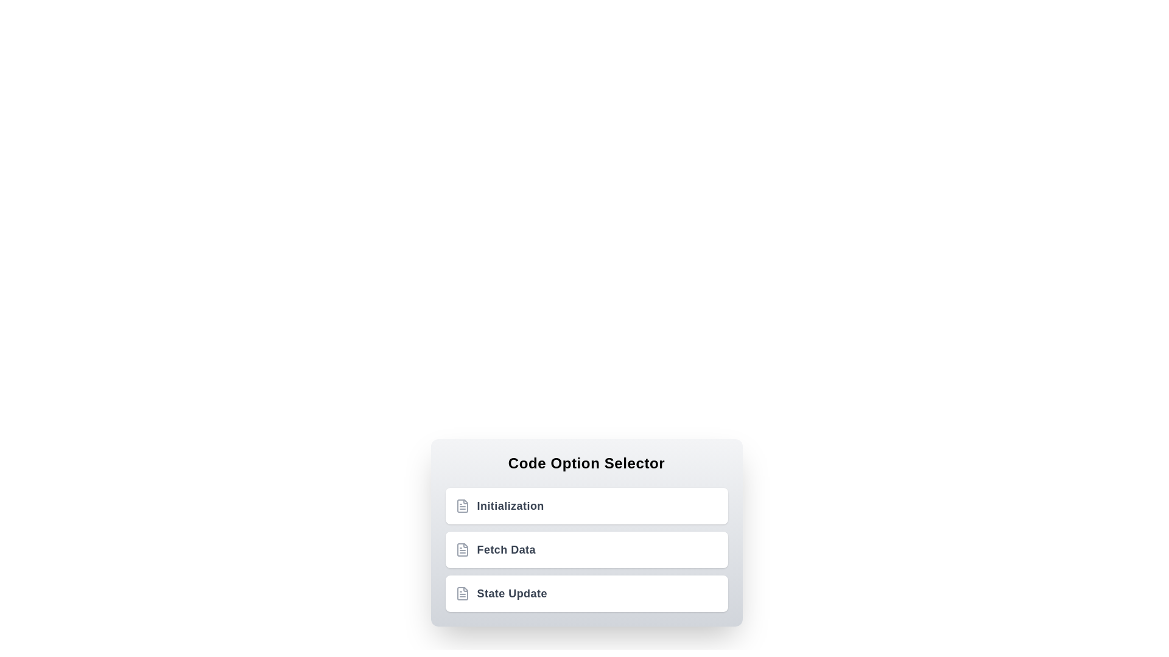 The image size is (1169, 657). What do you see at coordinates (586, 532) in the screenshot?
I see `the 'Fetch Data' option in the selection list within the 'Code Option Selector', which is the second block in the vertical arrangement of options` at bounding box center [586, 532].